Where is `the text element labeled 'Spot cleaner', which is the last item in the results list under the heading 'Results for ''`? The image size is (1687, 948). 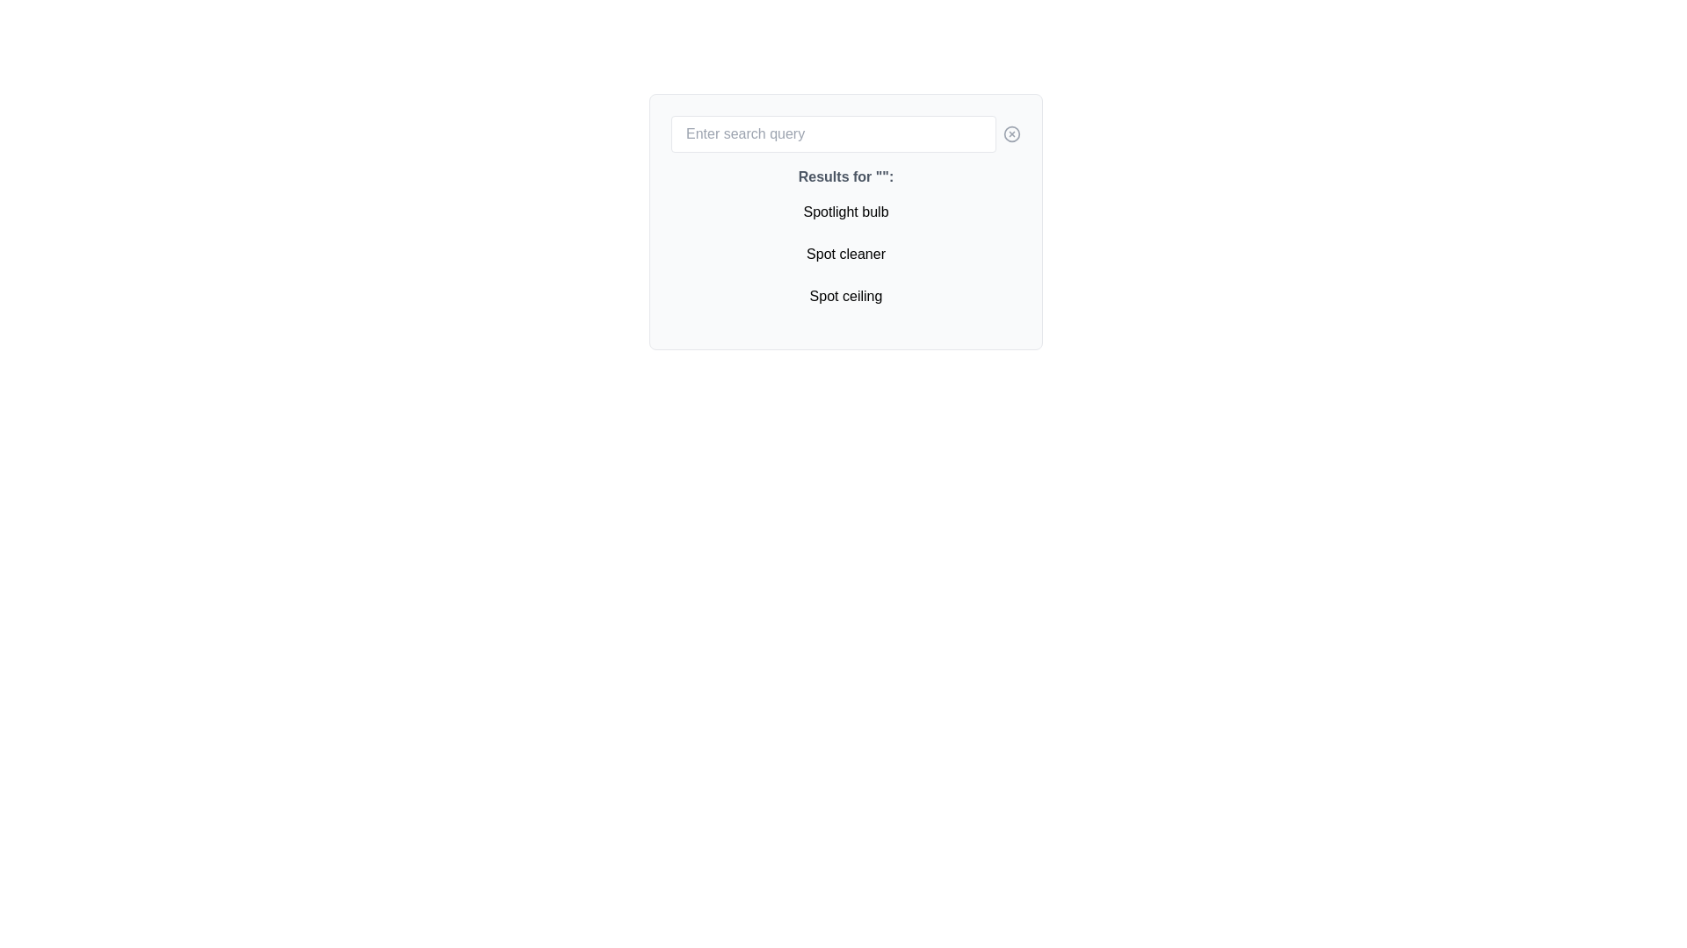 the text element labeled 'Spot cleaner', which is the last item in the results list under the heading 'Results for '' is located at coordinates (883, 254).